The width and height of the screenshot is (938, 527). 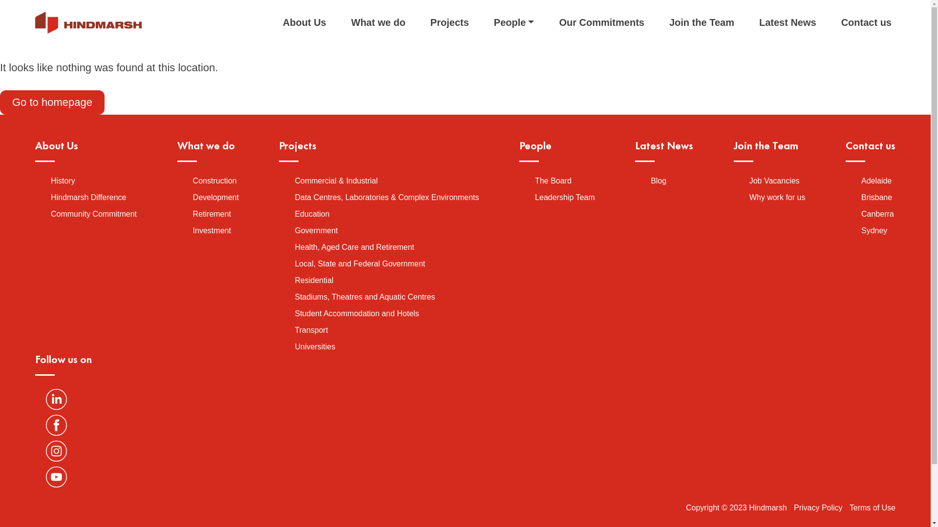 What do you see at coordinates (364, 296) in the screenshot?
I see `'Stadiums, Theatres and Aquatic Centres'` at bounding box center [364, 296].